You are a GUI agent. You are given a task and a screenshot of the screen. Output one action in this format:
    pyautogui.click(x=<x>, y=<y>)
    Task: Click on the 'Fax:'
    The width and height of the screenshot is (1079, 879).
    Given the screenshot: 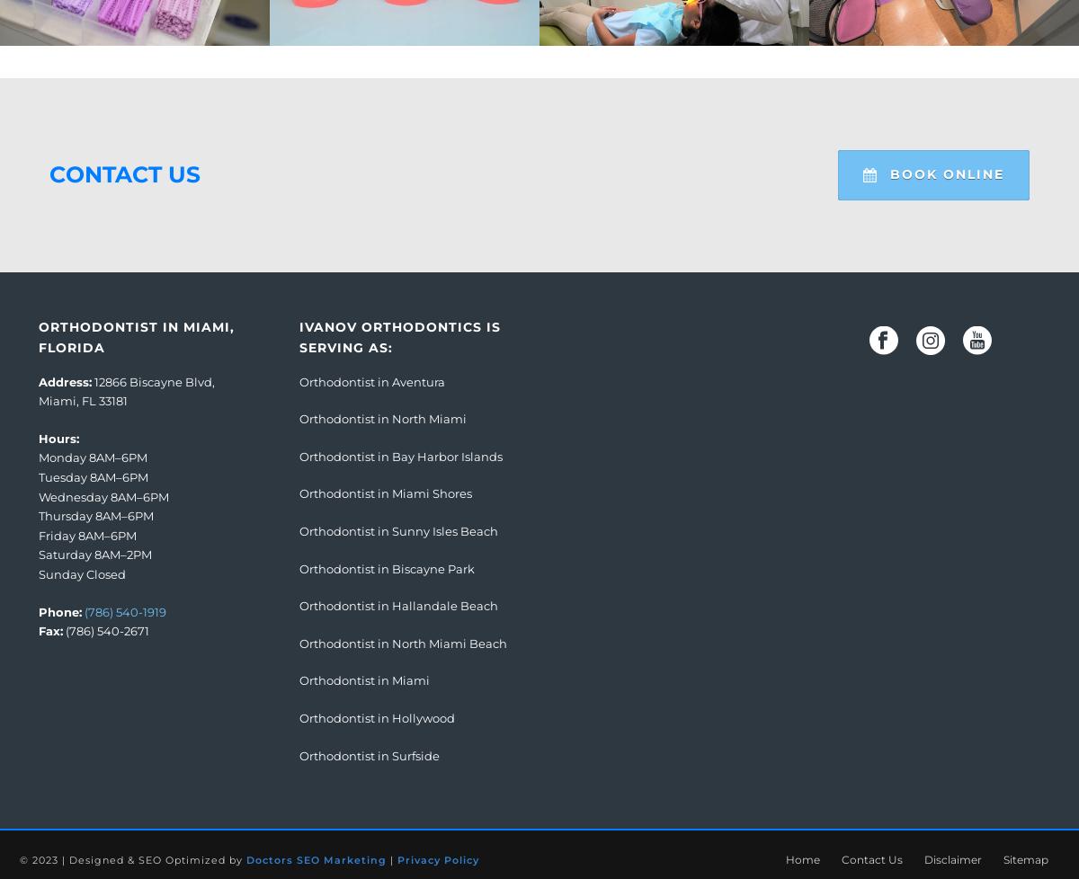 What is the action you would take?
    pyautogui.click(x=50, y=631)
    